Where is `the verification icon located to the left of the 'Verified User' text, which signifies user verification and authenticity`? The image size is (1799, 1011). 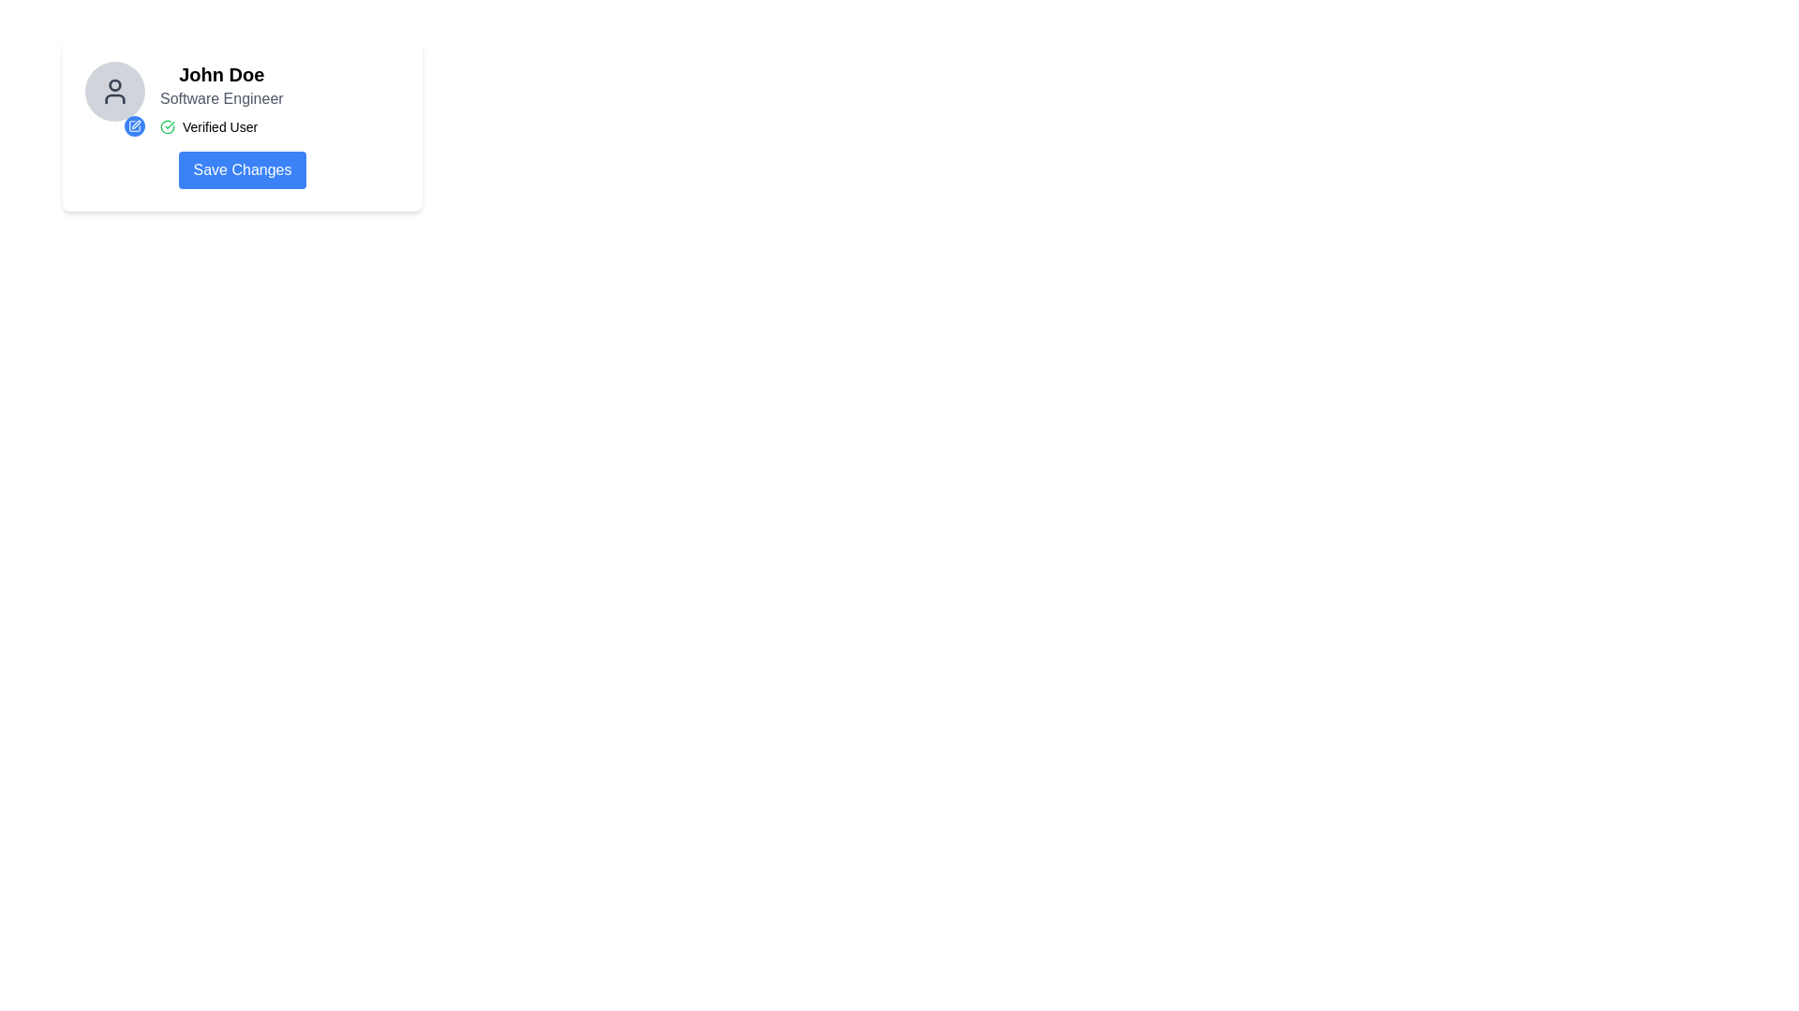 the verification icon located to the left of the 'Verified User' text, which signifies user verification and authenticity is located at coordinates (167, 126).